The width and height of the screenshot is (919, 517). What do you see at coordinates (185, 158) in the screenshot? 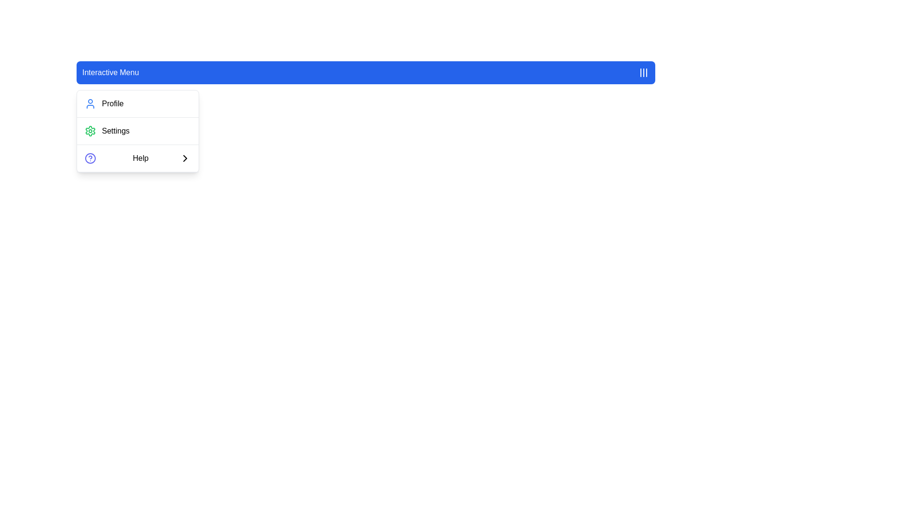
I see `the action indicator icon located to the right of the 'Help' text in the vertical navigation menu` at bounding box center [185, 158].